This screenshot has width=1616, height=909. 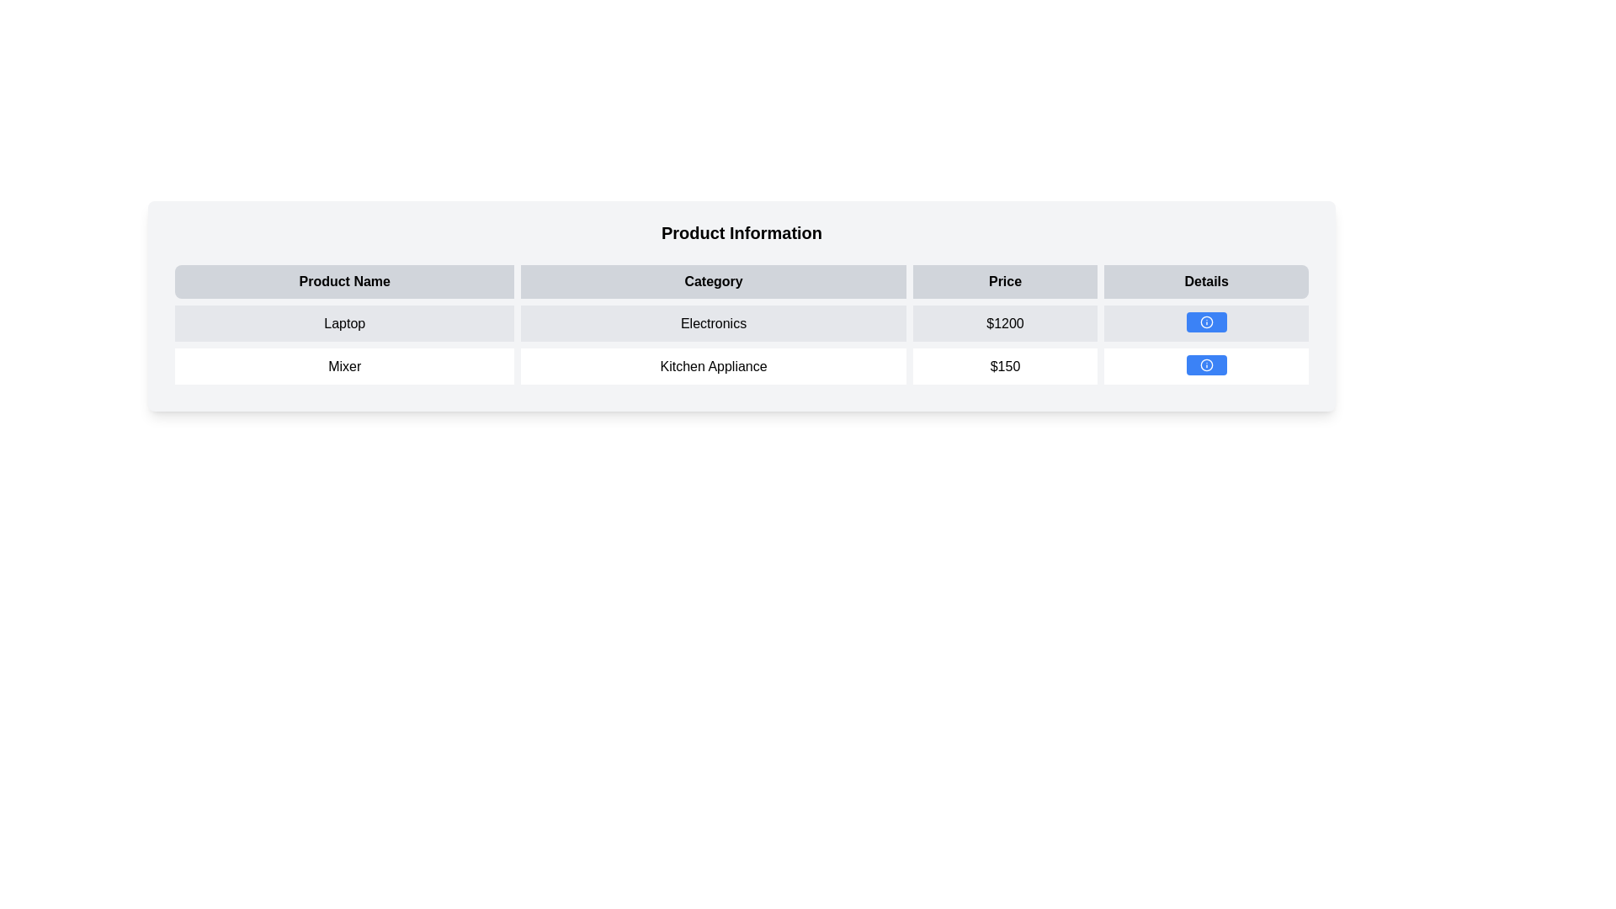 I want to click on the table header cell labeled 'Product Name', which is styled with a light-gray background and dark text, located in the top-left corner of the table header row, so click(x=343, y=281).